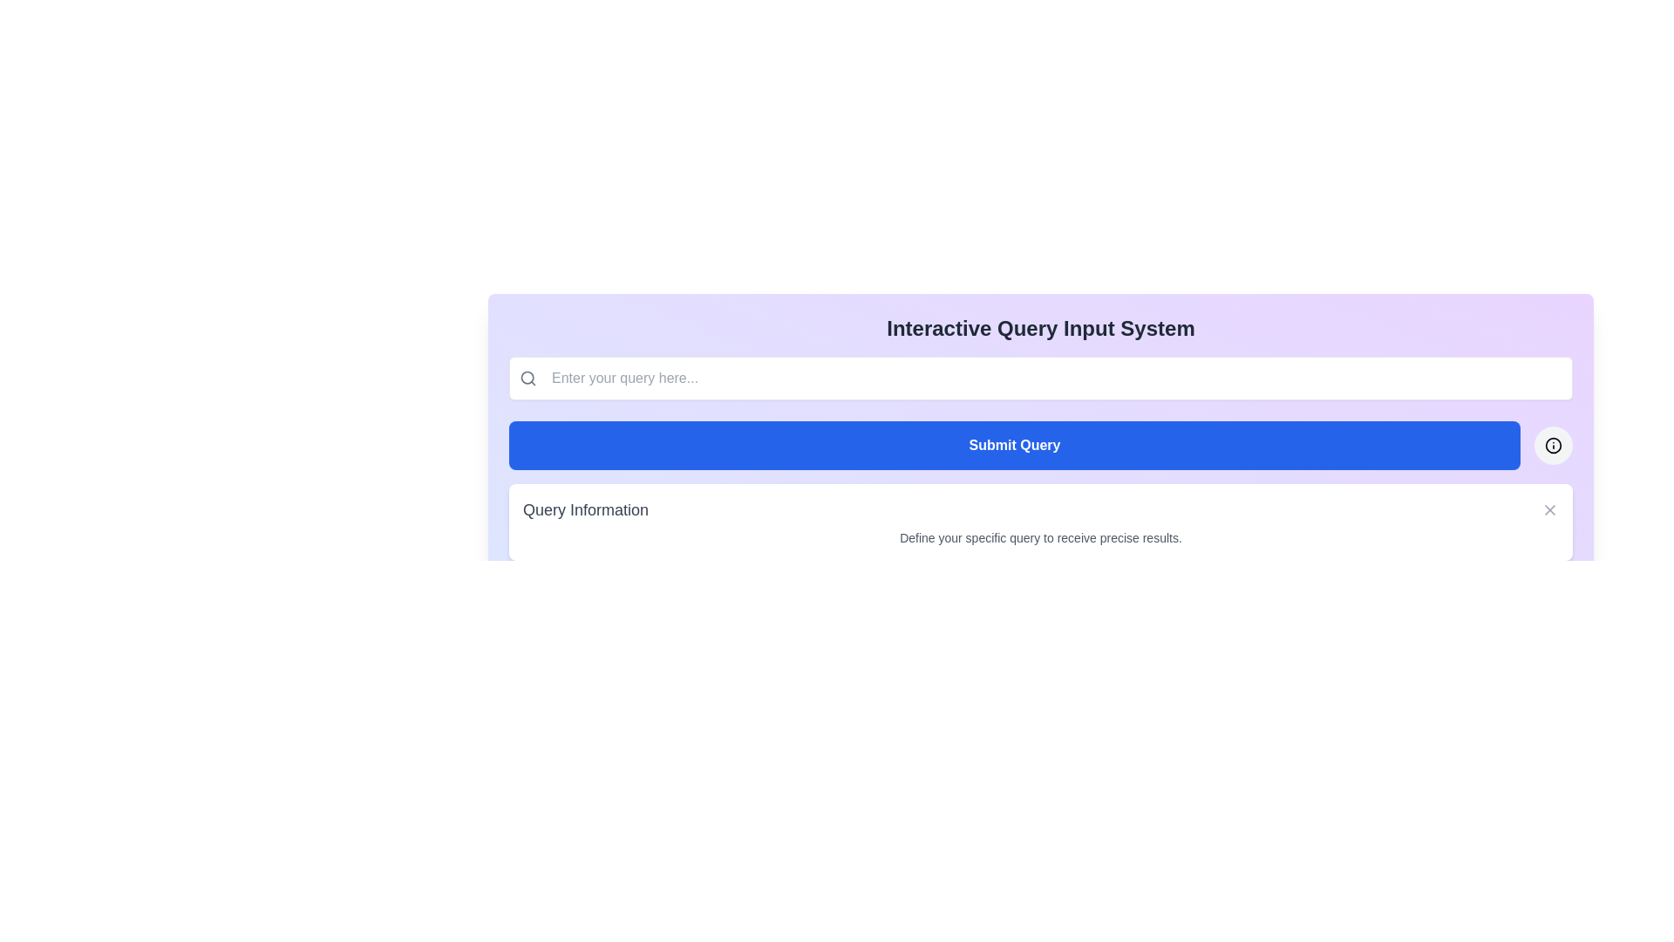  I want to click on the informational panel located centrally below the 'Submit Query' button in the 'Interactive Query Input System' section, which is the third element in this section's content layout, so click(1041, 521).